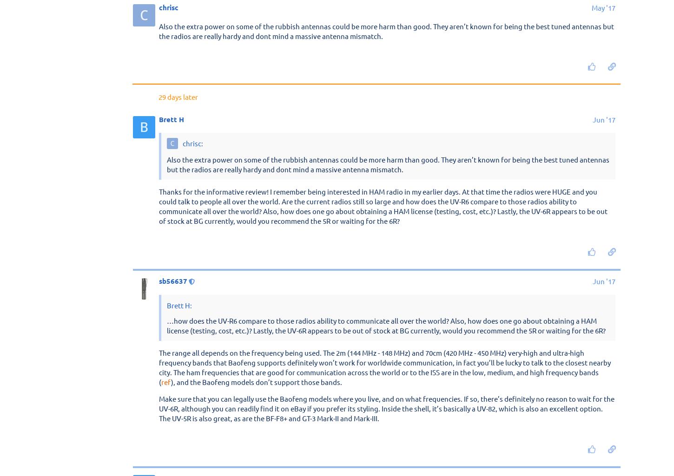 This screenshot has height=476, width=674. What do you see at coordinates (429, 198) in the screenshot?
I see `'and was on sale/the same price as other 5W were advertised.'` at bounding box center [429, 198].